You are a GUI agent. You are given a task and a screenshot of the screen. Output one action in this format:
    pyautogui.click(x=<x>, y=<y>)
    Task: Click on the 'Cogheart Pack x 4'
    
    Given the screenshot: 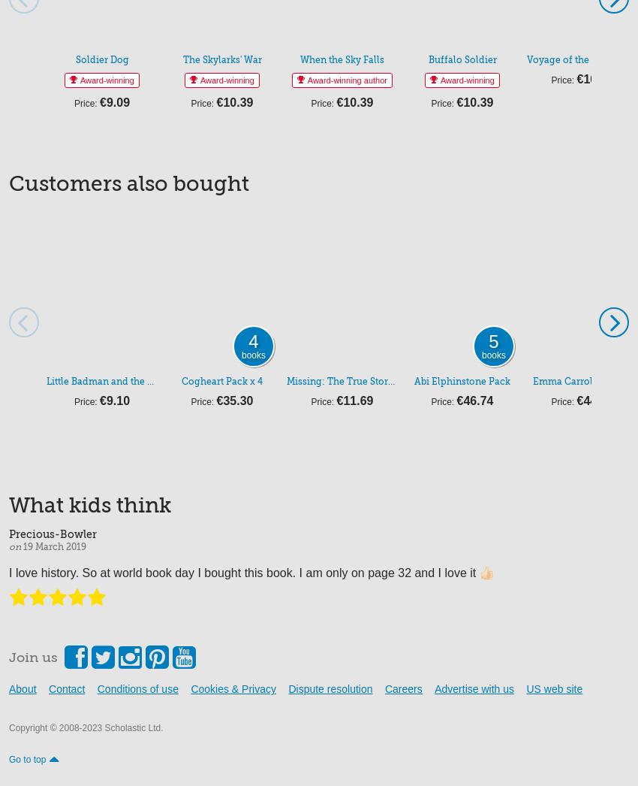 What is the action you would take?
    pyautogui.click(x=181, y=380)
    